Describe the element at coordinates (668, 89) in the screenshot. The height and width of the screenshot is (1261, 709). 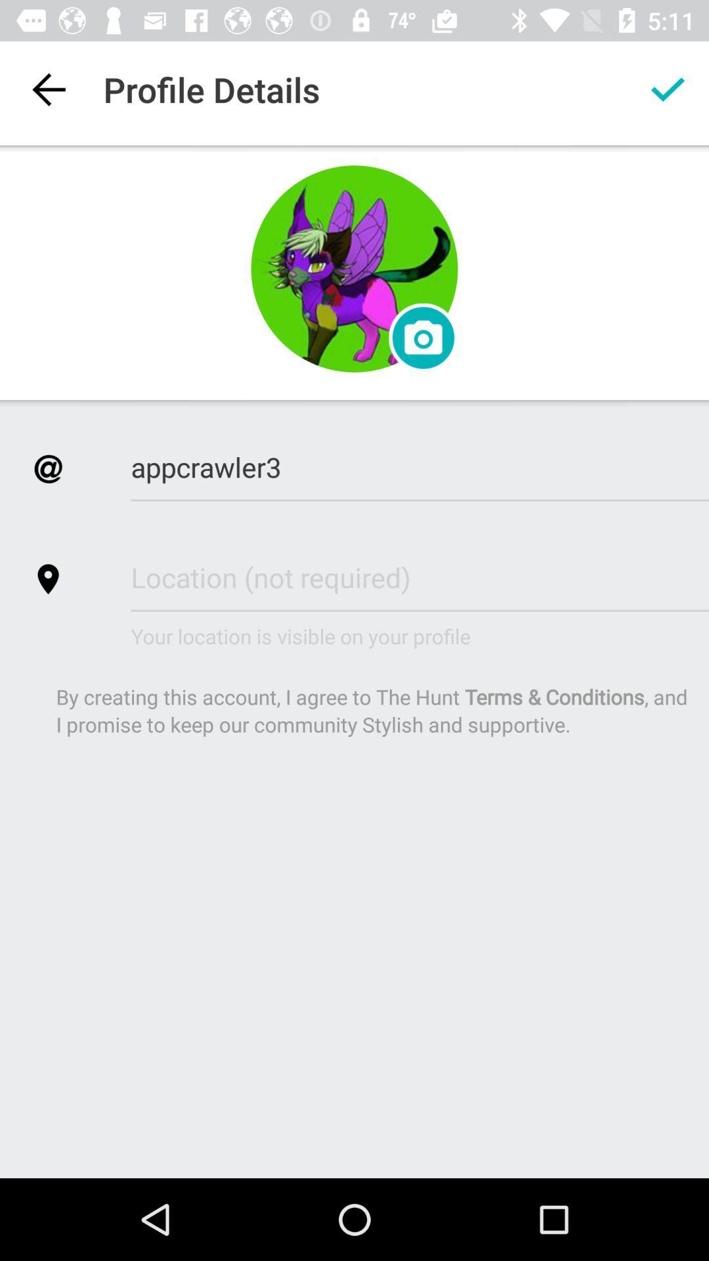
I see `the app to the right of profile details app` at that location.